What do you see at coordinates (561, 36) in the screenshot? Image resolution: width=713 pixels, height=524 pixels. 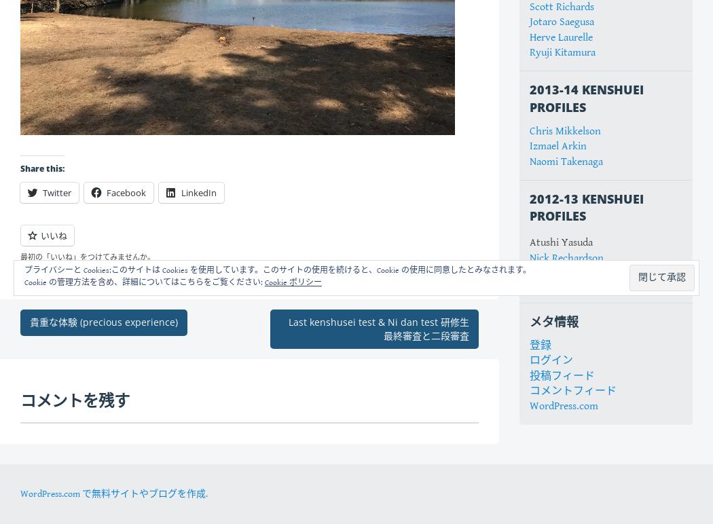 I see `'Herve Laurelle'` at bounding box center [561, 36].